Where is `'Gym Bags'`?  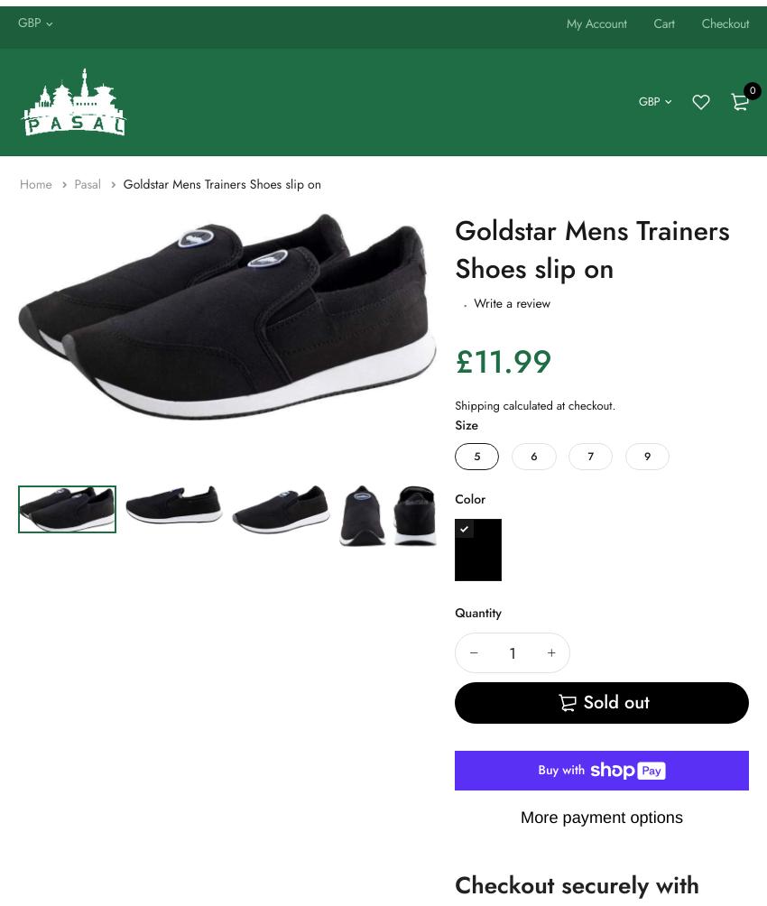 'Gym Bags' is located at coordinates (4, 203).